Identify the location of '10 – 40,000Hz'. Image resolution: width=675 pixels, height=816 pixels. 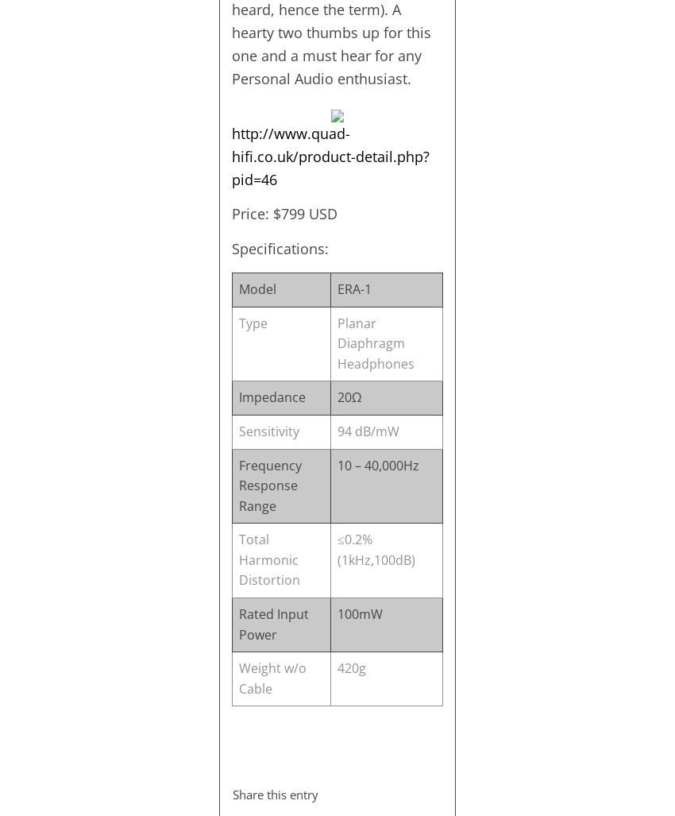
(336, 464).